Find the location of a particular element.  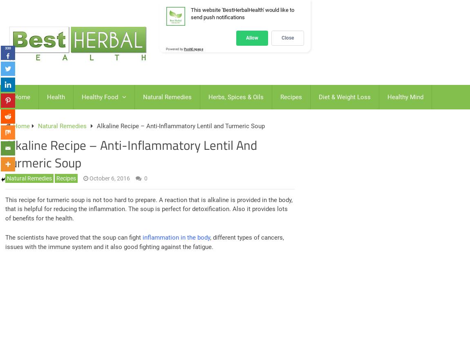

'Close' is located at coordinates (287, 38).